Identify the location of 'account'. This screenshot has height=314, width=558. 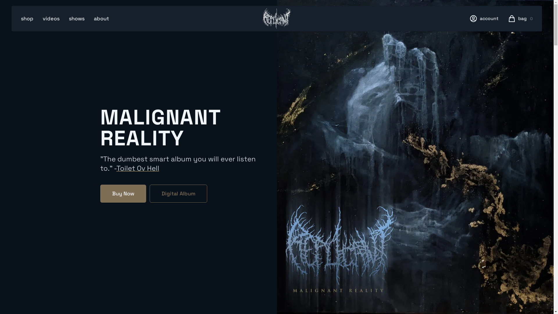
(480, 18).